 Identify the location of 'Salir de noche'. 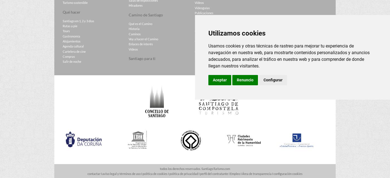
(72, 61).